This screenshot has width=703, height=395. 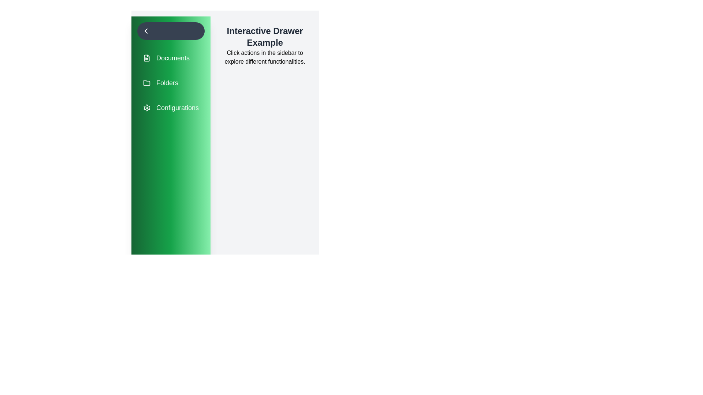 What do you see at coordinates (170, 83) in the screenshot?
I see `the menu item labeled 'Folders' to highlight it` at bounding box center [170, 83].